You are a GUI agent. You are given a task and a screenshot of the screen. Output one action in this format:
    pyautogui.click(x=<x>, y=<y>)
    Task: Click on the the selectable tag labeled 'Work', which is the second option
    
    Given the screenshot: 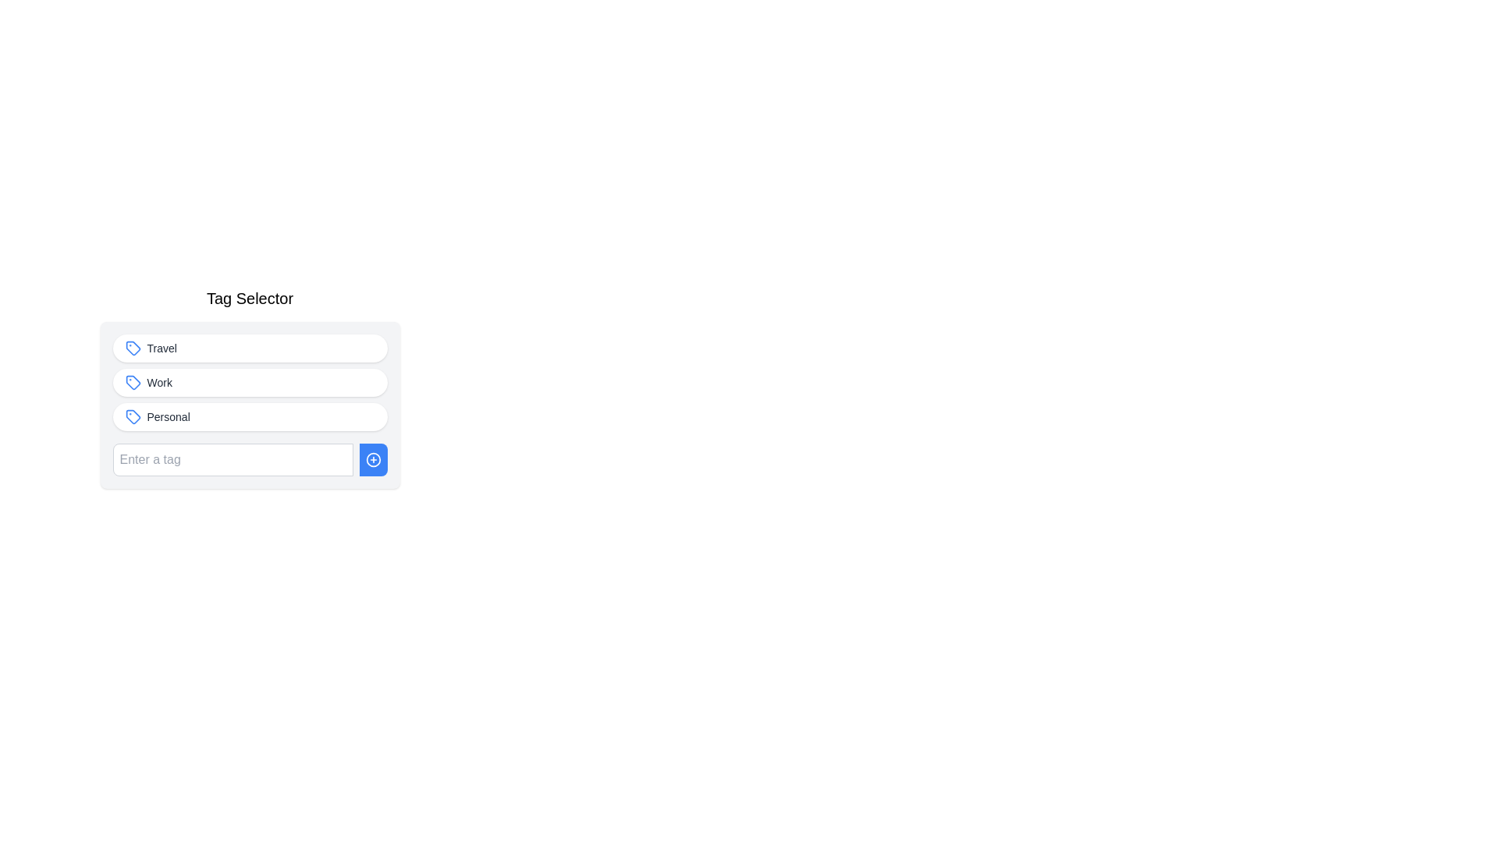 What is the action you would take?
    pyautogui.click(x=250, y=387)
    